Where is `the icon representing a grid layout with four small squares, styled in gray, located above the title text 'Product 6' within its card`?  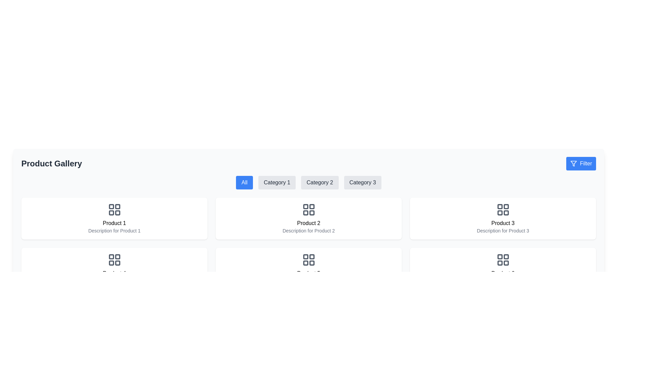
the icon representing a grid layout with four small squares, styled in gray, located above the title text 'Product 6' within its card is located at coordinates (503, 260).